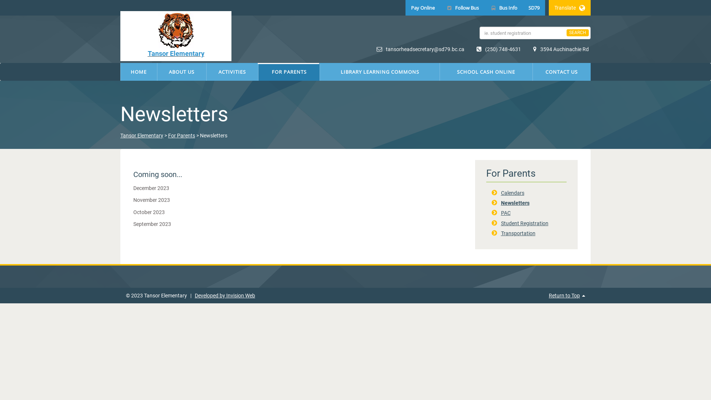 This screenshot has height=400, width=711. Describe the element at coordinates (181, 136) in the screenshot. I see `'For Parents'` at that location.